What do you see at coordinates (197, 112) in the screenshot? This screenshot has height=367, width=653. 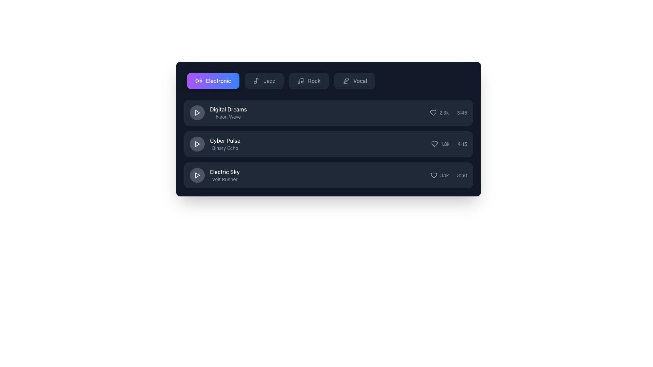 I see `the circular play button for the track 'Digital Dreams' to trigger the color and size change animation` at bounding box center [197, 112].